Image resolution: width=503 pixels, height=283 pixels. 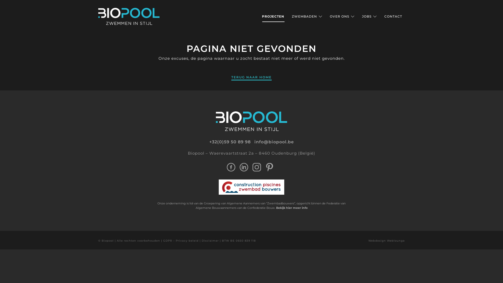 What do you see at coordinates (393, 16) in the screenshot?
I see `'CONTACT'` at bounding box center [393, 16].